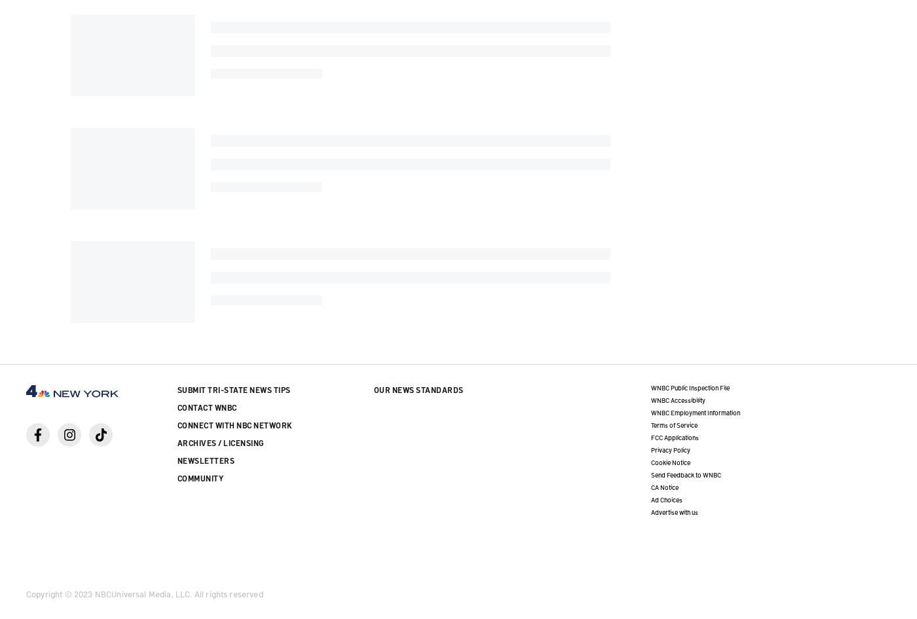 The image size is (917, 619). I want to click on 'Copyright © 2023 NBCUniversal Media, LLC. All rights reserved', so click(26, 592).